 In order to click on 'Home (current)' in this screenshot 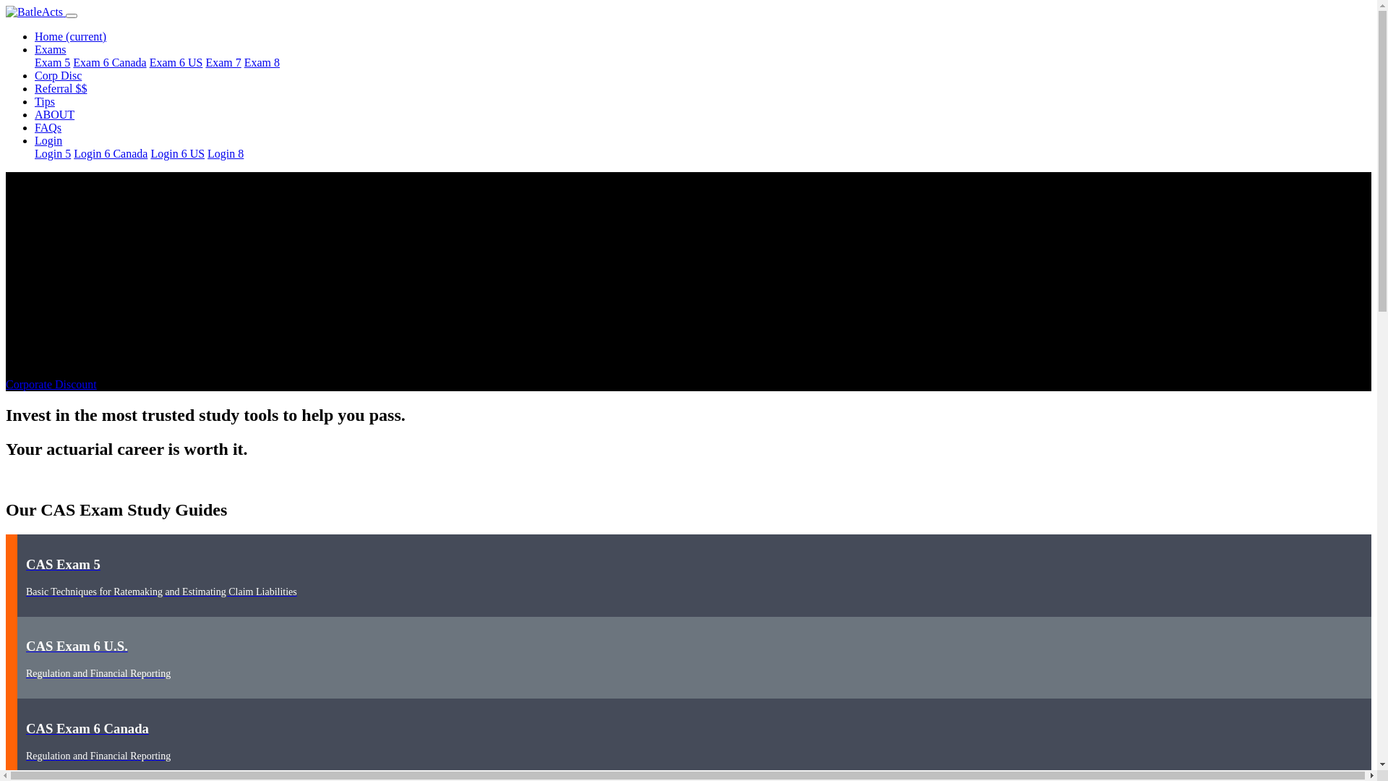, I will do `click(69, 35)`.